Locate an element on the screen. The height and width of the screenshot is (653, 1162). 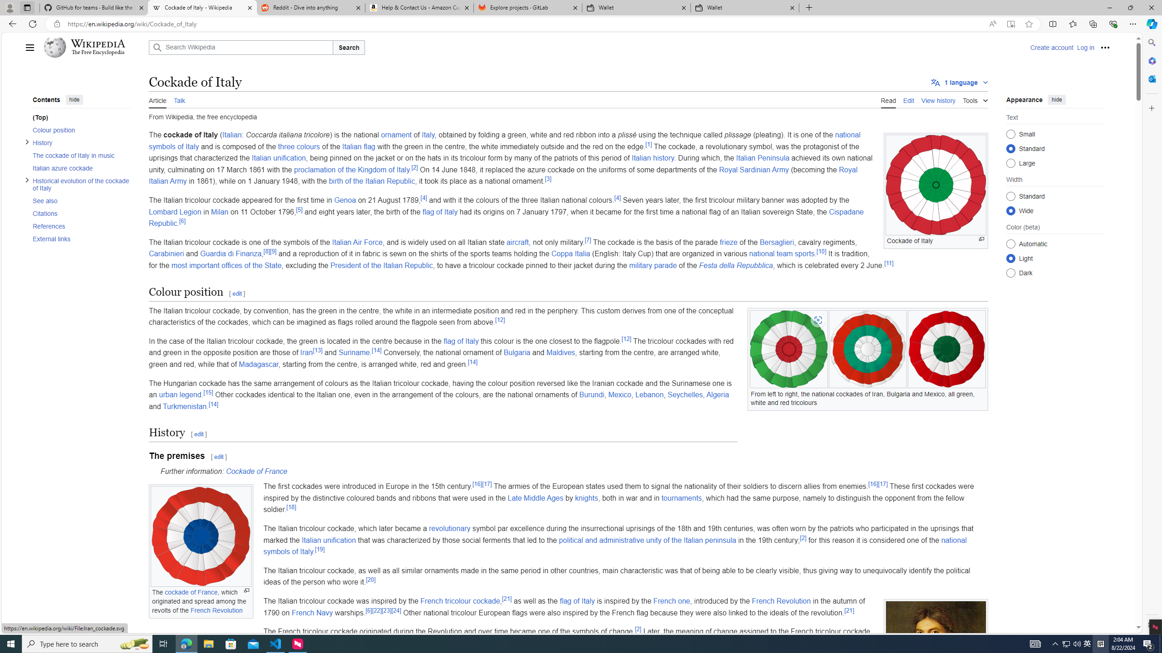
'[7]' is located at coordinates (588, 239).